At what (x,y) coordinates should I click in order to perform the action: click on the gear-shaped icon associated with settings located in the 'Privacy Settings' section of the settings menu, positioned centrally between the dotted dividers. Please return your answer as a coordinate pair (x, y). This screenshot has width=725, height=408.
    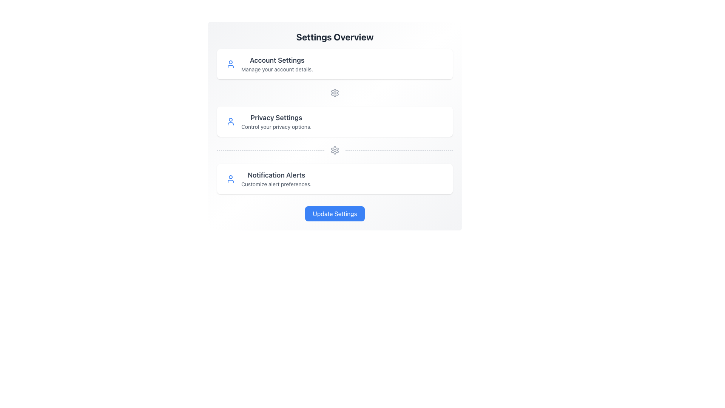
    Looking at the image, I should click on (335, 150).